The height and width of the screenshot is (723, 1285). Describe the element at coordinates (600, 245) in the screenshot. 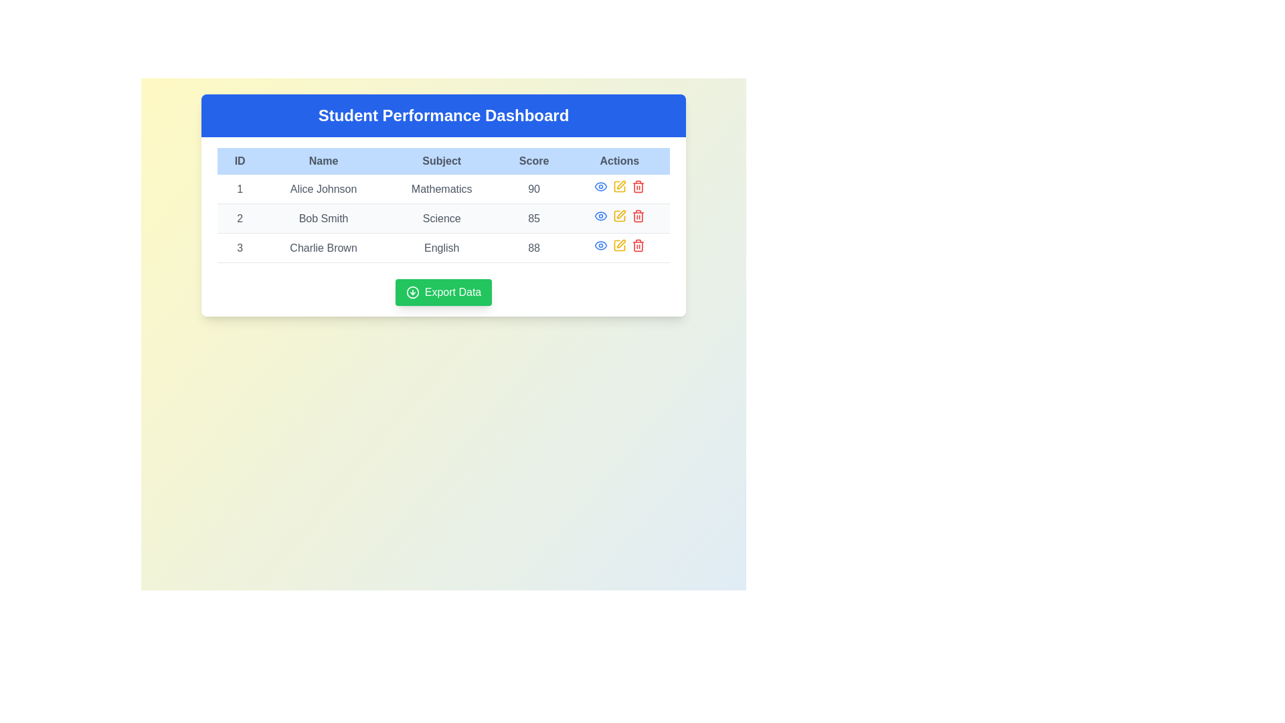

I see `the first icon in the 'Actions' column of the third row of the table` at that location.